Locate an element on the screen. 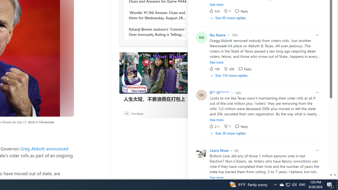 This screenshot has width=338, height=190. 'No Name' is located at coordinates (218, 35).